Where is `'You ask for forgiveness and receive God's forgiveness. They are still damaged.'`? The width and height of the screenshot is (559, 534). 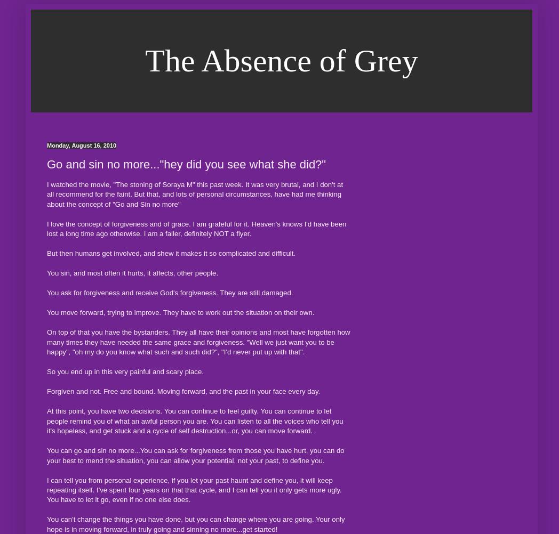
'You ask for forgiveness and receive God's forgiveness. They are still damaged.' is located at coordinates (170, 293).